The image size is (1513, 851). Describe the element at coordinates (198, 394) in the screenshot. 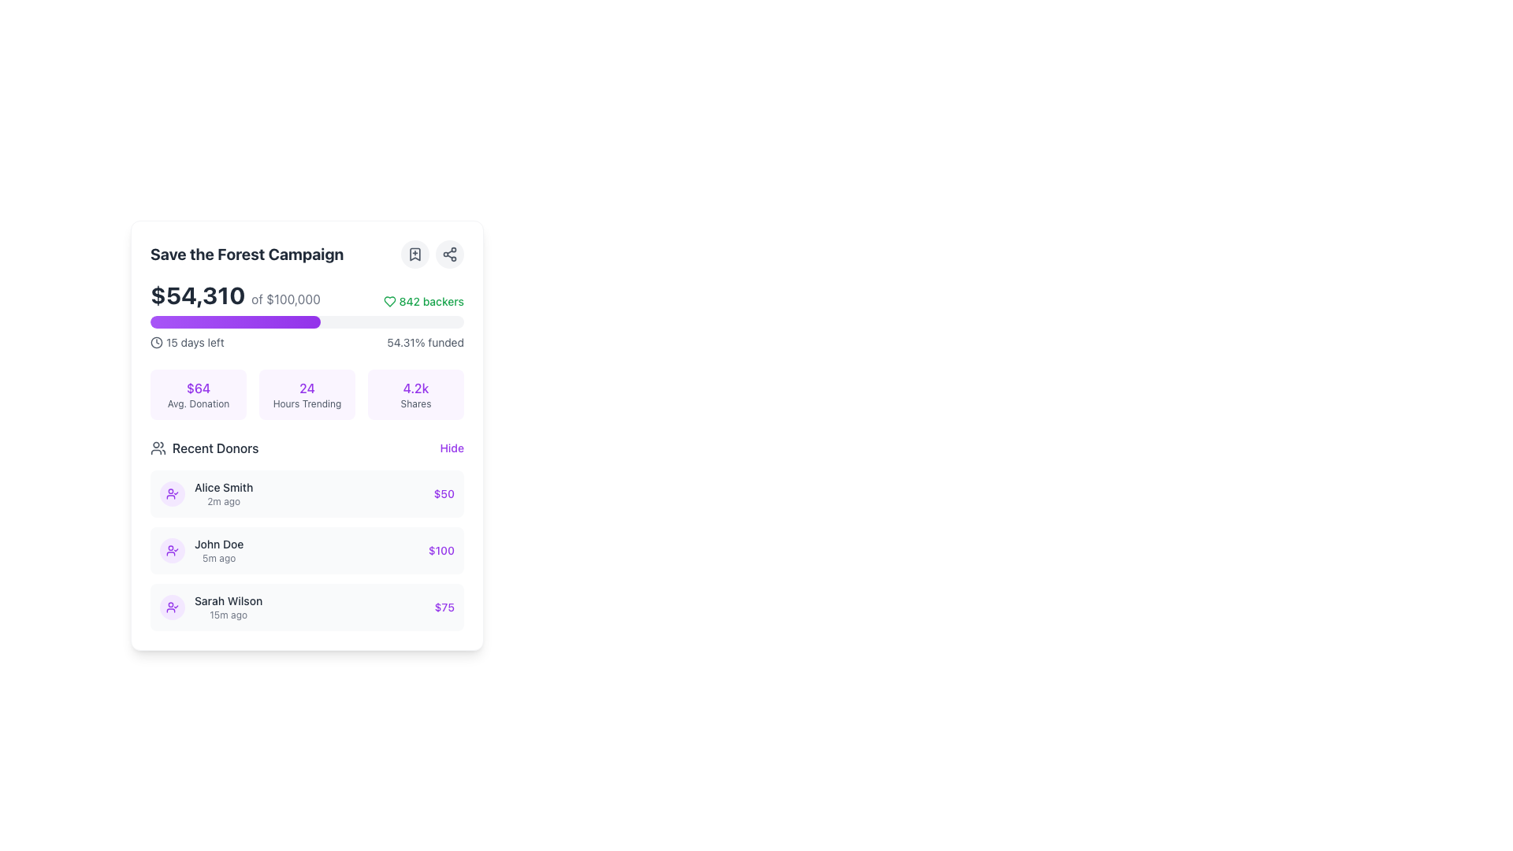

I see `the informational Text block with a background card that displays the average donation amount for the campaign, located centrally within the campaign panel` at that location.